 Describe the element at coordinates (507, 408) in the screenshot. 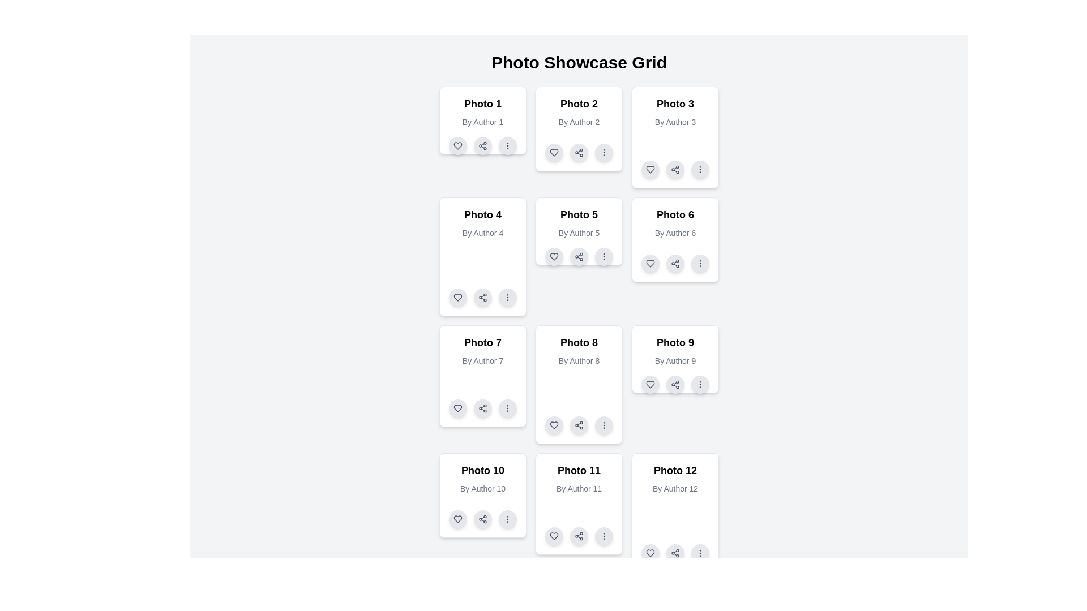

I see `the circular button with a gray background and three vertical dots located` at that location.